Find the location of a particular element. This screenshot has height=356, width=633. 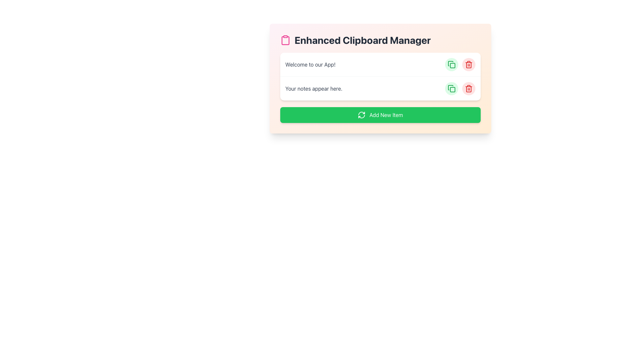

the composite UI element containing the green copy icon and the red delete icon, located to the right of the note text 'Your notes appear here.' is located at coordinates (460, 88).